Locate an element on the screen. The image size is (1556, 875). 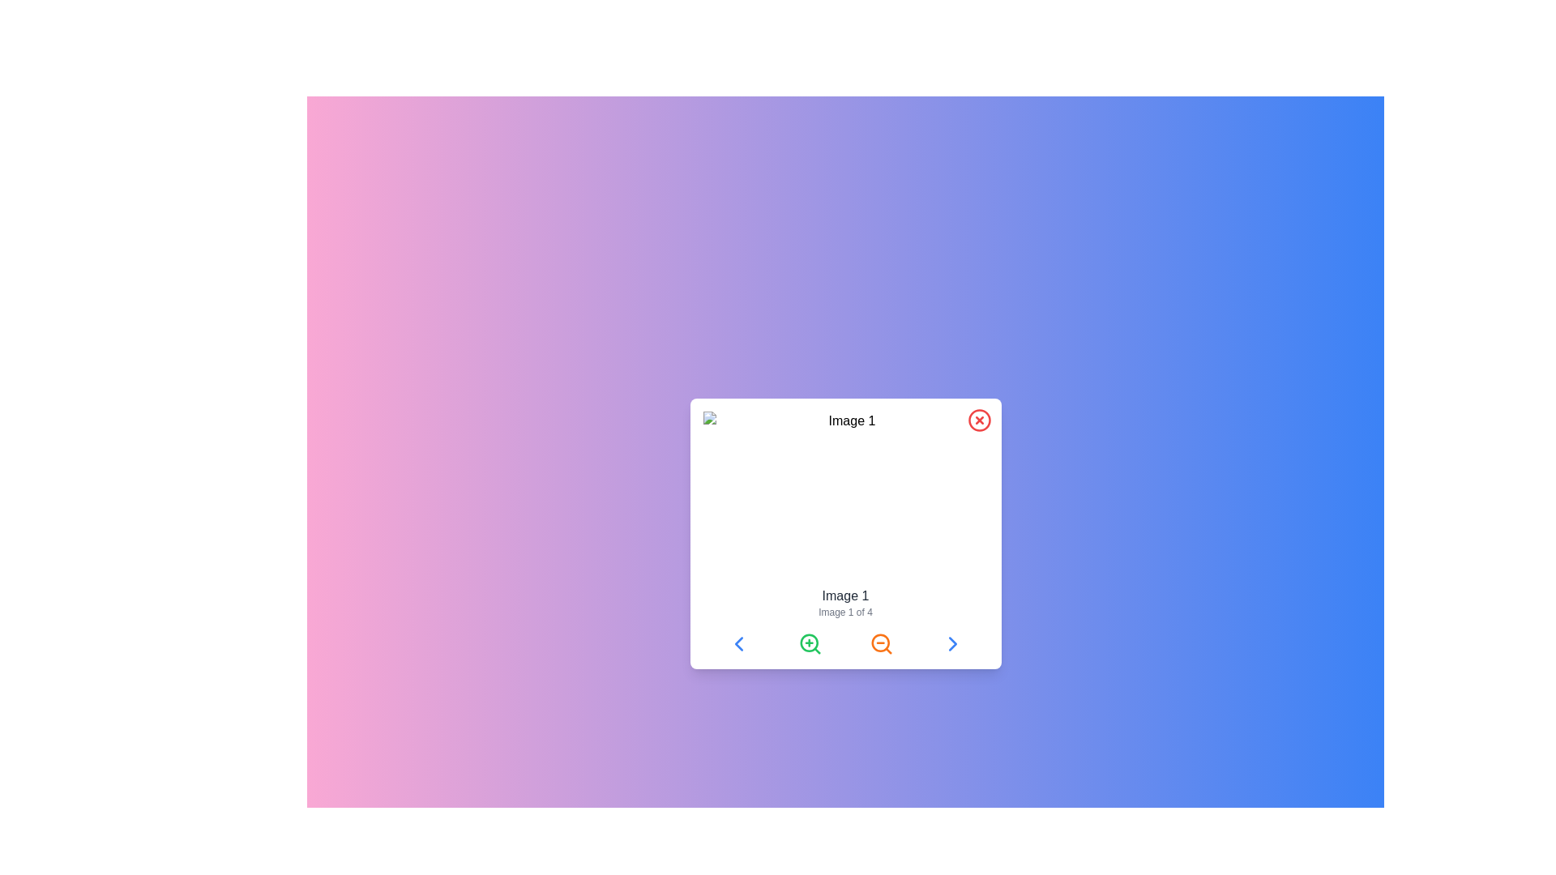
the navigation button located at the far left of the interactive icons in the center-bottom of the dialog box is located at coordinates (737, 642).